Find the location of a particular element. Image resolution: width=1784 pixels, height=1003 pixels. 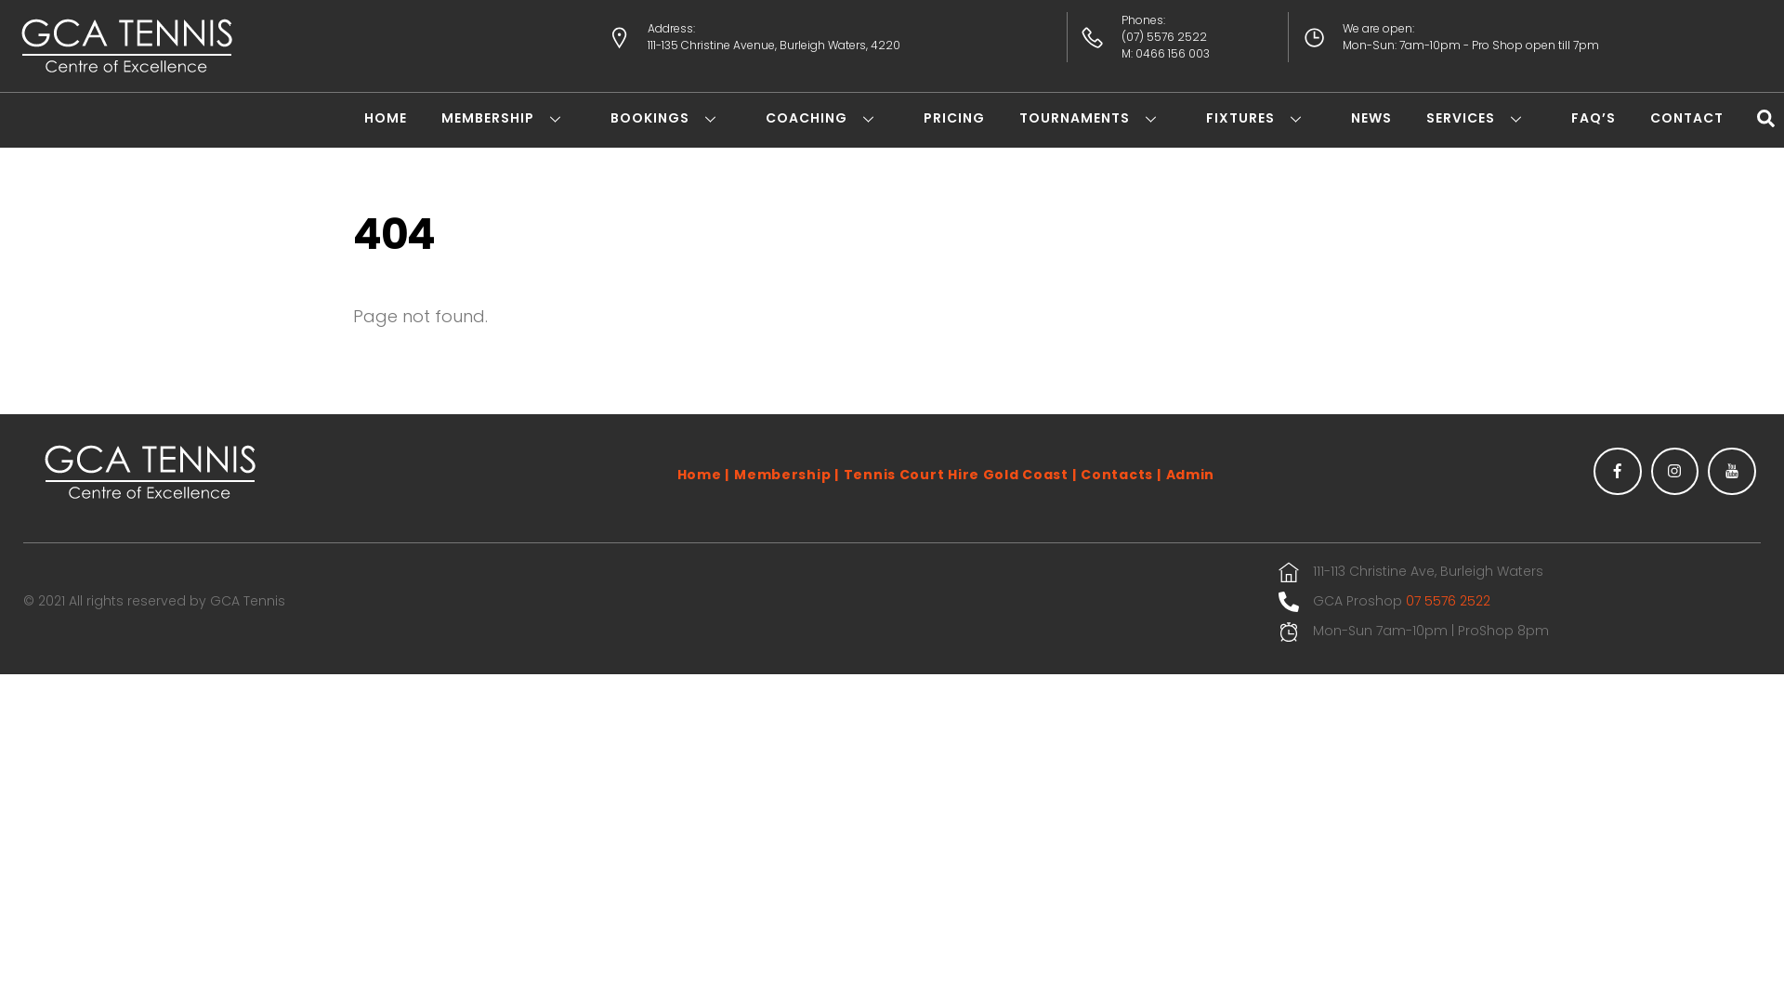

'TOURNAMENTS' is located at coordinates (1095, 118).